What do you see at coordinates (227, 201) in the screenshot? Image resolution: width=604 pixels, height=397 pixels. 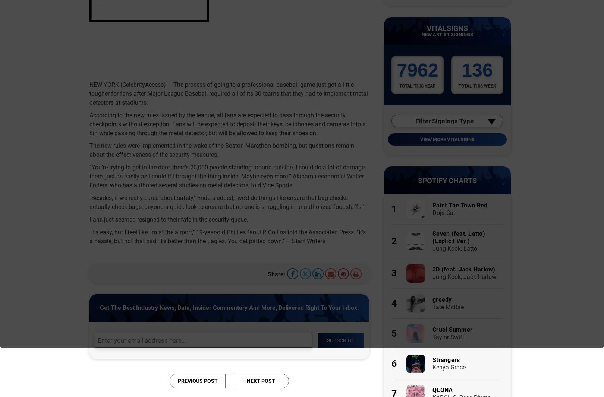 I see `'"Besides, if we really cared about safety," Enders added, "we’d do things like ensure that bag checks actually check bags, beyond a quick look to ensure that no one is smuggling in unauthorized foodstuffs.”'` at bounding box center [227, 201].